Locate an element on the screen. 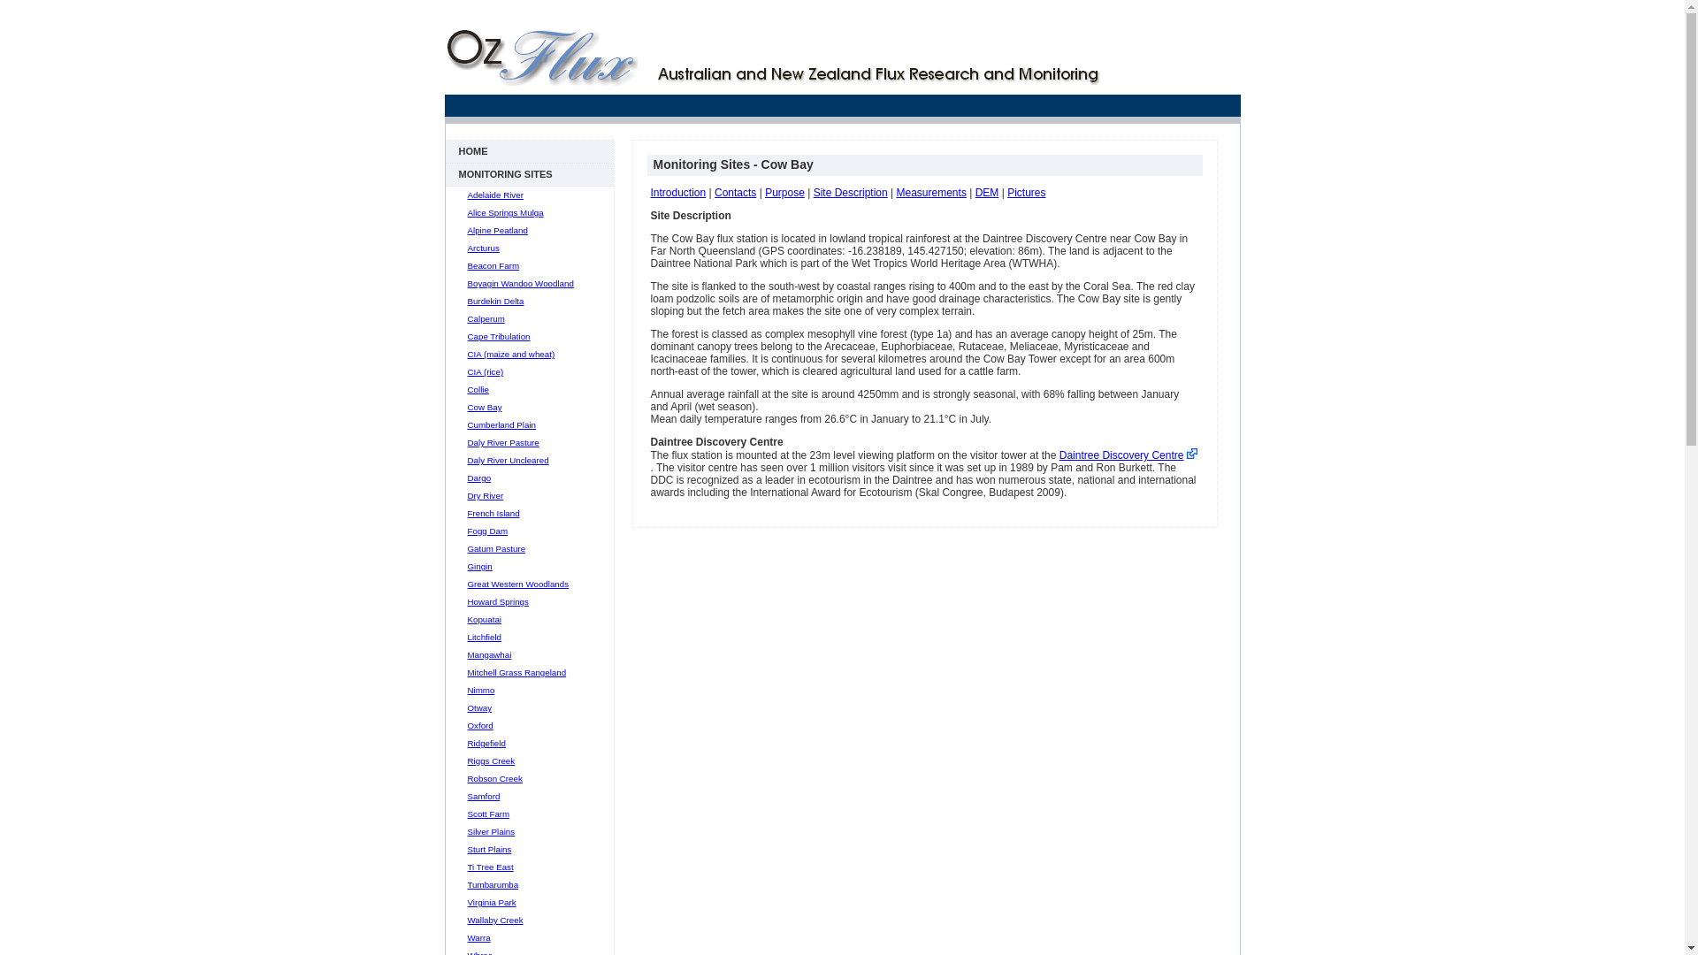  'CIA (maize and wheat)' is located at coordinates (509, 354).